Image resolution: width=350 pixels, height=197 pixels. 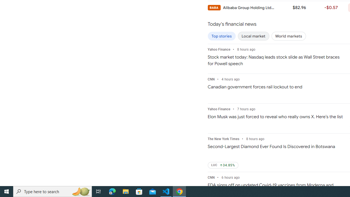 I want to click on 'LUC Up by 34.85%', so click(x=223, y=165).